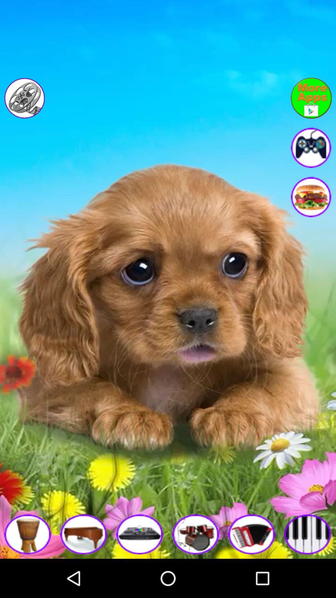 This screenshot has height=598, width=336. I want to click on game, so click(140, 534).